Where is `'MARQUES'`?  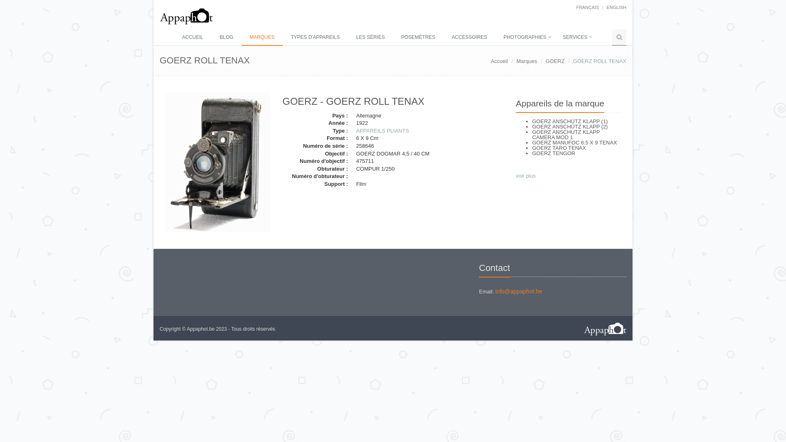
'MARQUES' is located at coordinates (262, 38).